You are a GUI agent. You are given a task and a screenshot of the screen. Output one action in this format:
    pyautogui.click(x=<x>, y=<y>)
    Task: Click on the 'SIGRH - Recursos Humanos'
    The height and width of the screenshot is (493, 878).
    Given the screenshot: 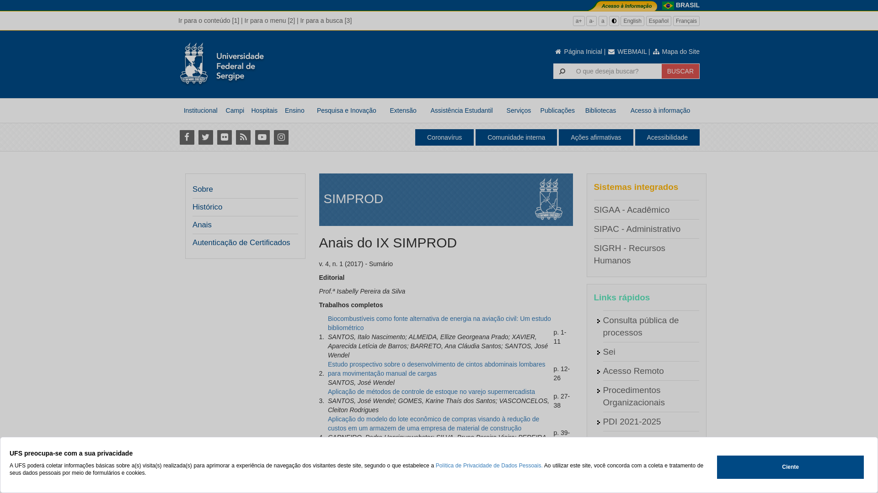 What is the action you would take?
    pyautogui.click(x=629, y=254)
    